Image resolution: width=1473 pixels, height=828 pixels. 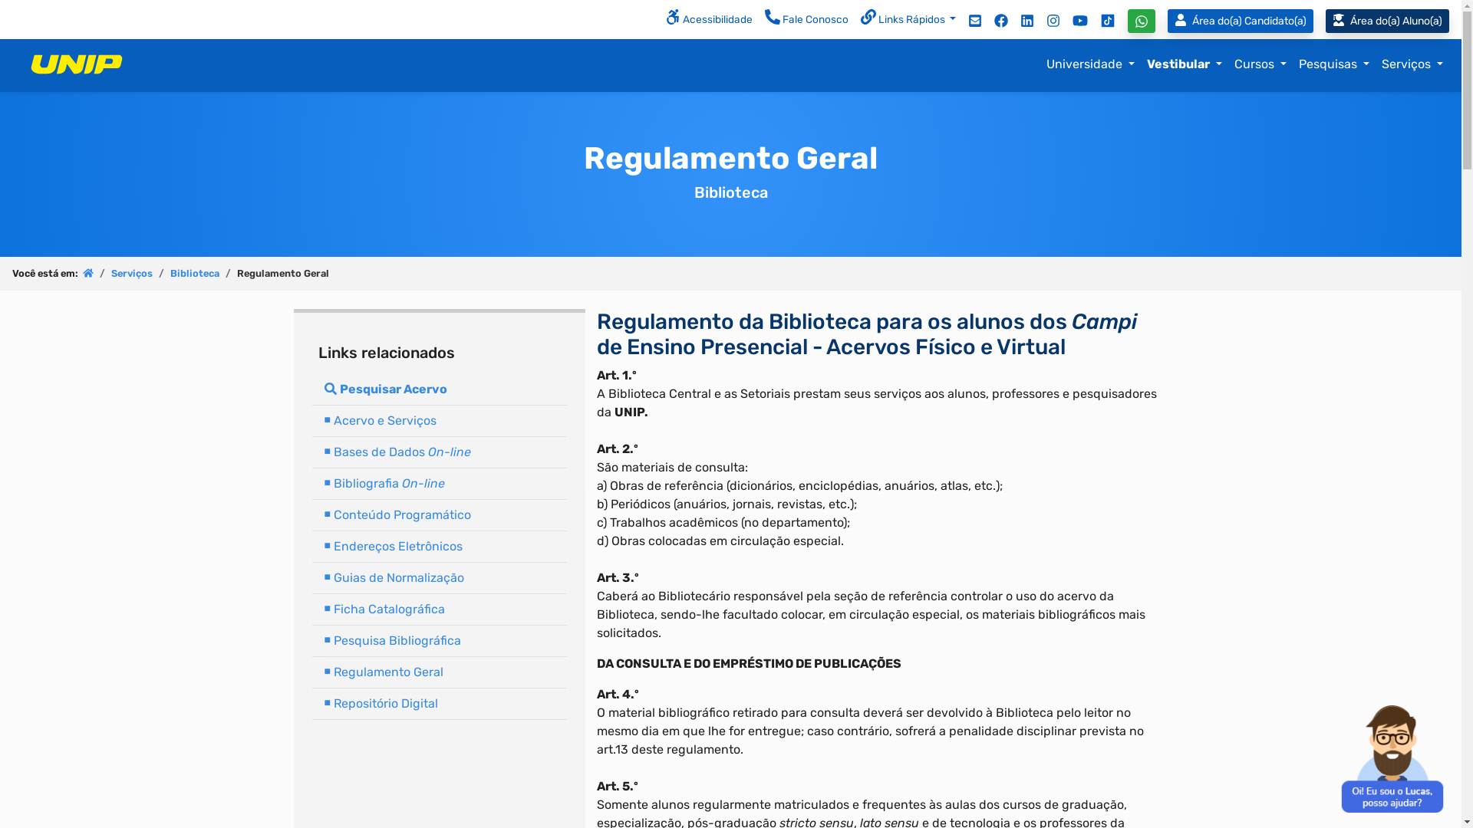 What do you see at coordinates (1387, 21) in the screenshot?
I see `'Aluno(a)'` at bounding box center [1387, 21].